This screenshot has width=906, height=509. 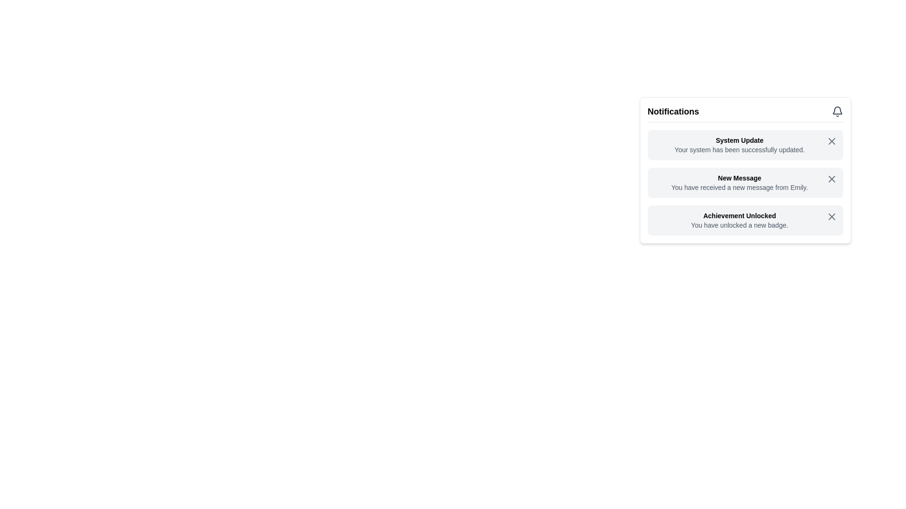 I want to click on the notification block titled 'New Message', so click(x=745, y=183).